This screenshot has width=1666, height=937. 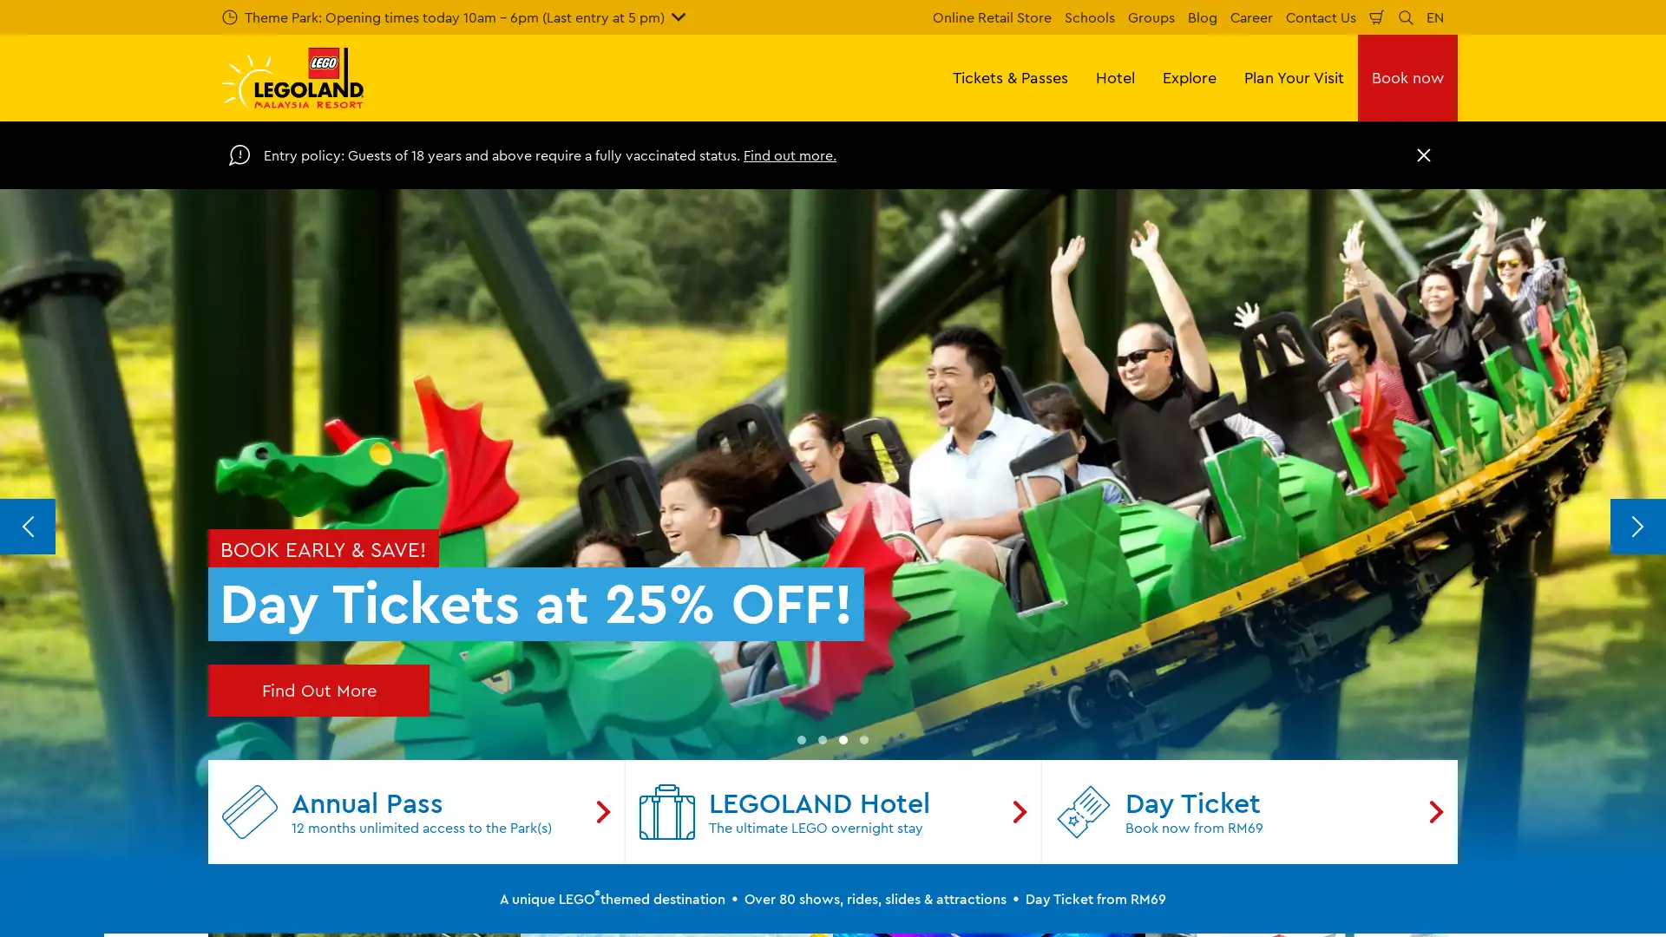 I want to click on Plan Your Visit, so click(x=1294, y=76).